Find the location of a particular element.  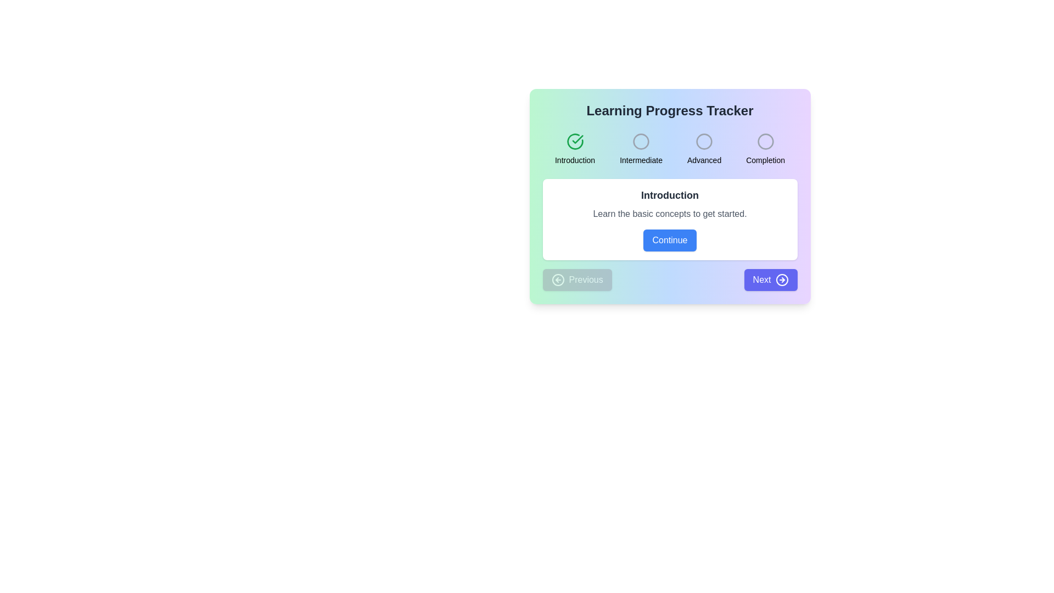

the text element that reads 'Learn the basic concepts to get started', which is styled in a small, muted gray font and positioned beneath the heading 'Introduction' within the 'Learning Progress Tracker' panel is located at coordinates (669, 214).